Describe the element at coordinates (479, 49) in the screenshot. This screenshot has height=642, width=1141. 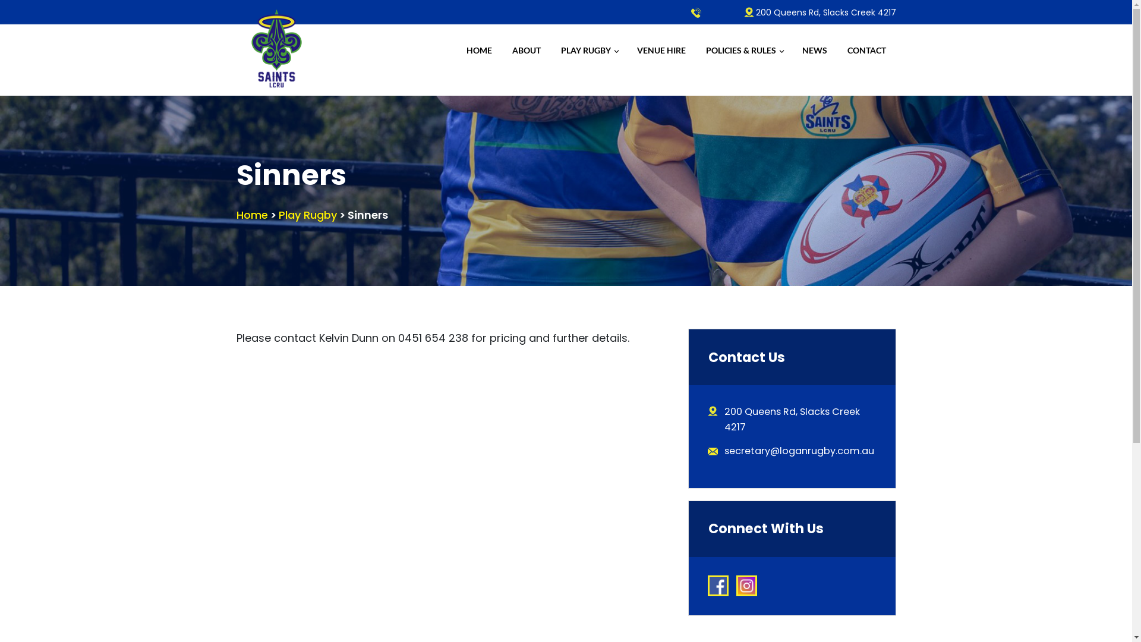
I see `'HOME'` at that location.